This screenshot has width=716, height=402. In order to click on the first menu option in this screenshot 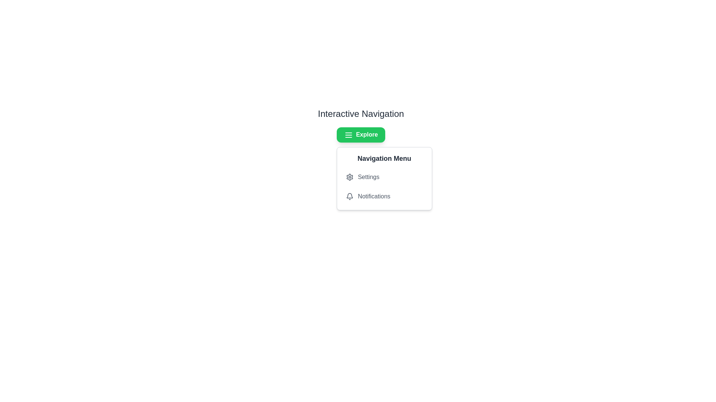, I will do `click(384, 177)`.